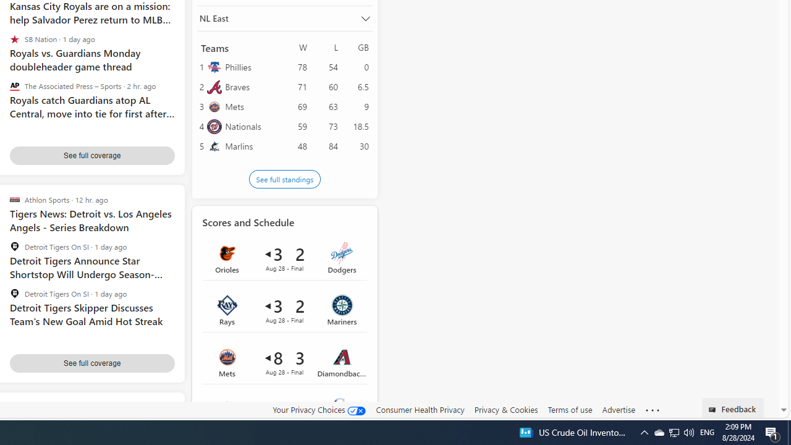  What do you see at coordinates (284, 18) in the screenshot?
I see `'NL East'` at bounding box center [284, 18].